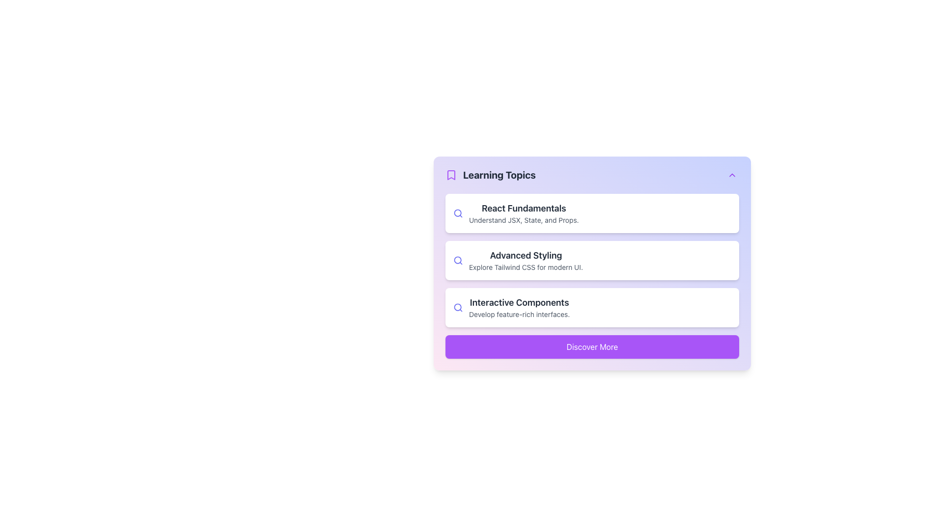 The width and height of the screenshot is (943, 530). I want to click on the circular magnifying glass element within the SVG in the 'React Fundamentals' list item block, so click(457, 212).